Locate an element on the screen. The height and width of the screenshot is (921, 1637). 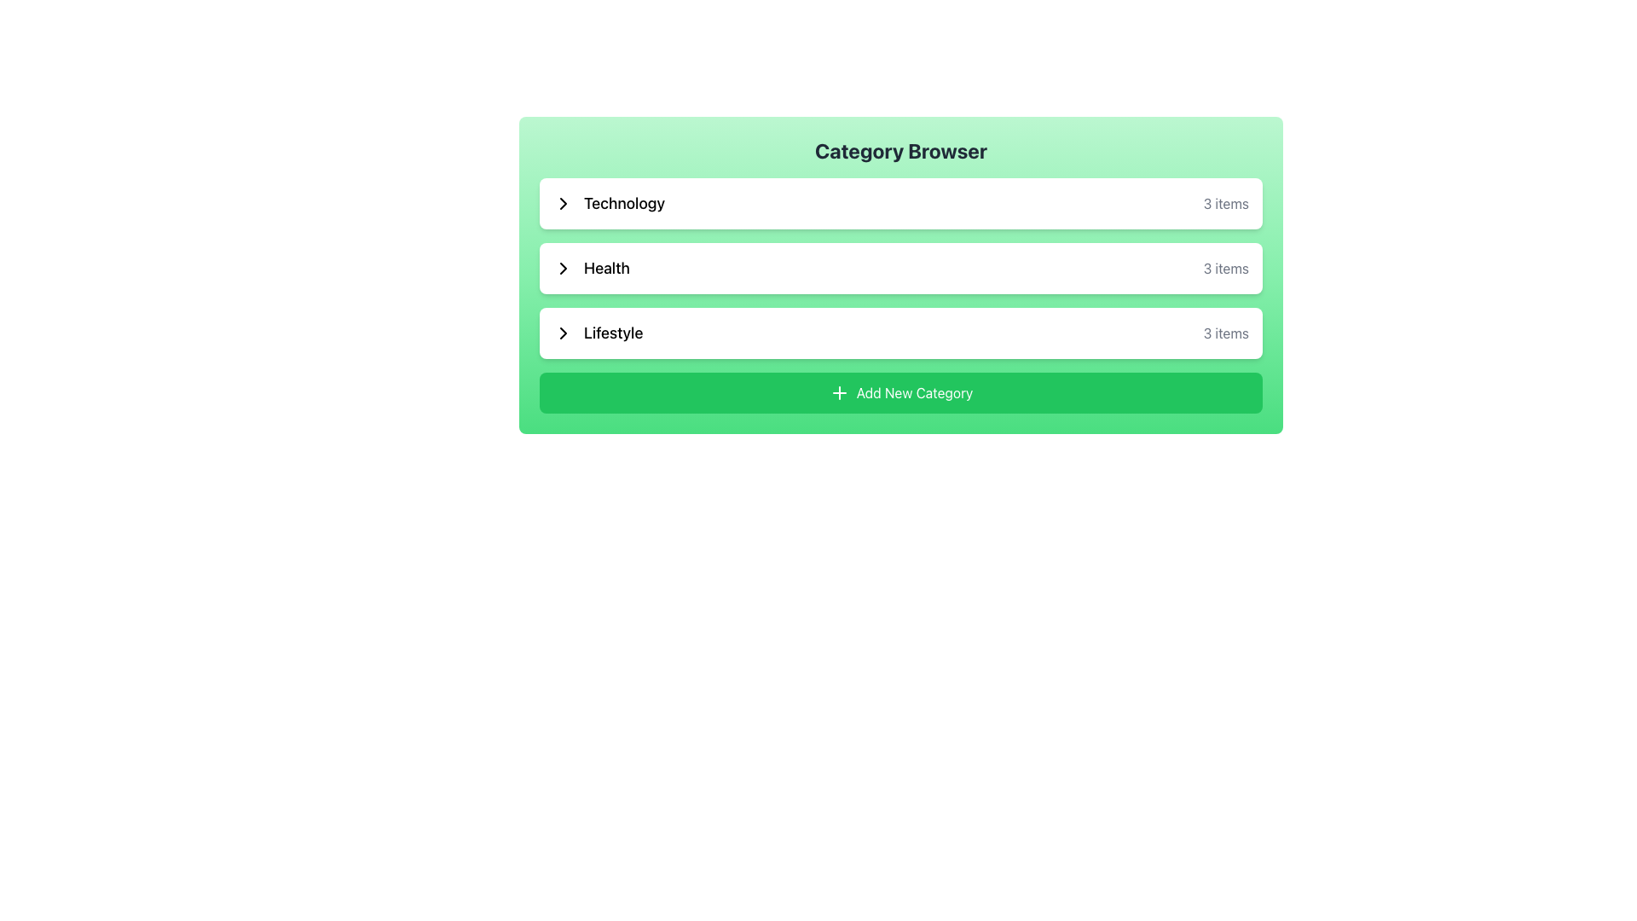
text label element that displays '3 items', located on the right side of the 'Health' row is located at coordinates (1225, 269).